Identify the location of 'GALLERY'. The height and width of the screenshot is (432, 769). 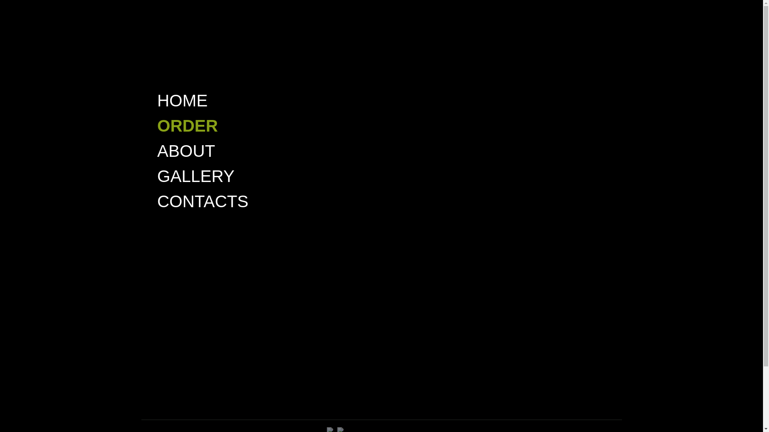
(195, 176).